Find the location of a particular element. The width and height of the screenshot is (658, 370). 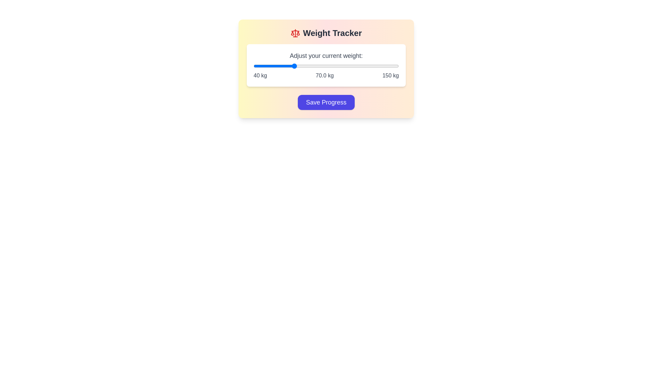

the 'Save Progress' button is located at coordinates (326, 102).